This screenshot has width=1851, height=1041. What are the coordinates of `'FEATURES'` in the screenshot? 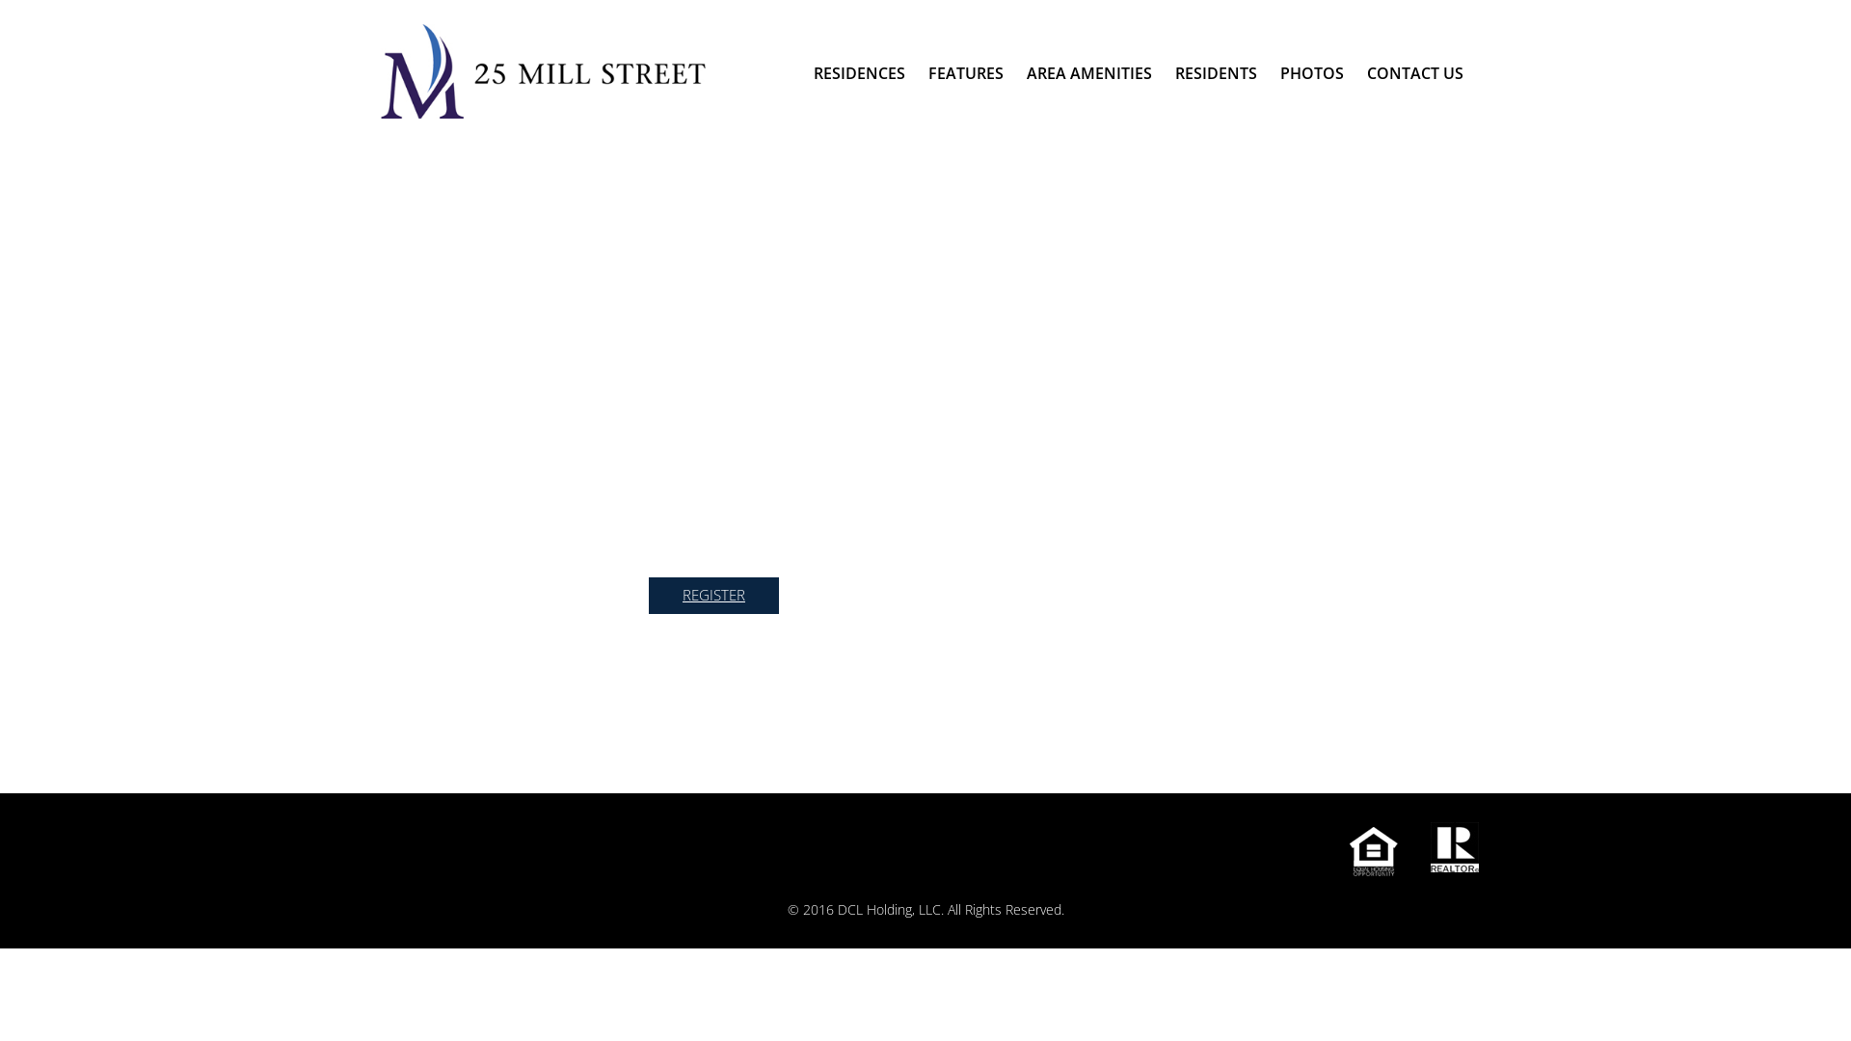 It's located at (966, 72).